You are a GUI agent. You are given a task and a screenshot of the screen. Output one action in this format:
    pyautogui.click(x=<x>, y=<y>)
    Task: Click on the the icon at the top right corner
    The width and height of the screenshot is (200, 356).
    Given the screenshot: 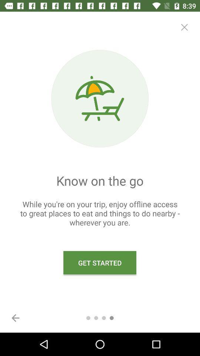 What is the action you would take?
    pyautogui.click(x=184, y=27)
    